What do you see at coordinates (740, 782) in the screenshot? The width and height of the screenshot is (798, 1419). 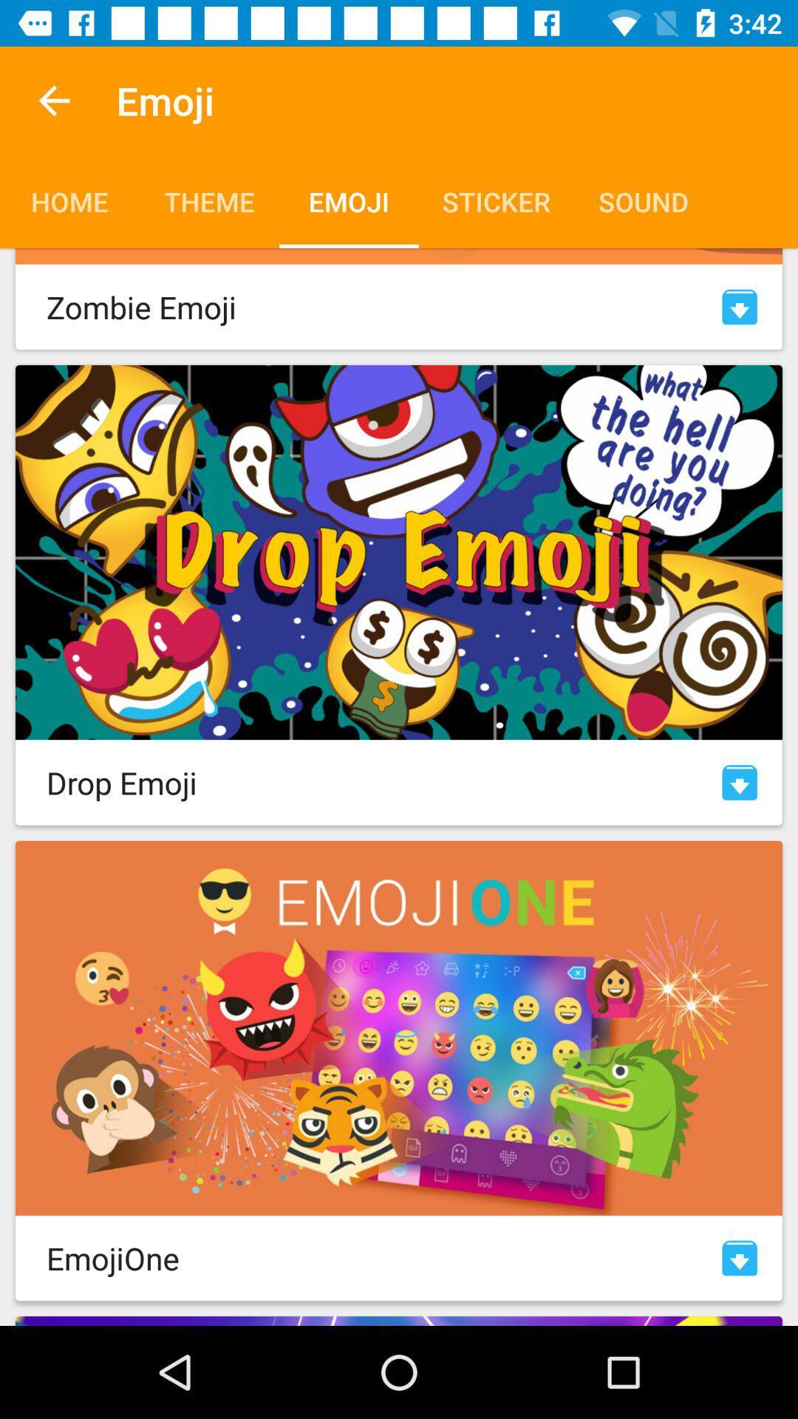 I see `download drop emoji` at bounding box center [740, 782].